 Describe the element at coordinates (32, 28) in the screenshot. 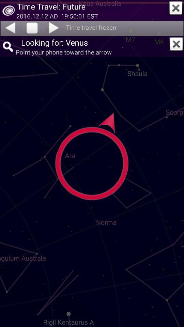

I see `play option` at that location.